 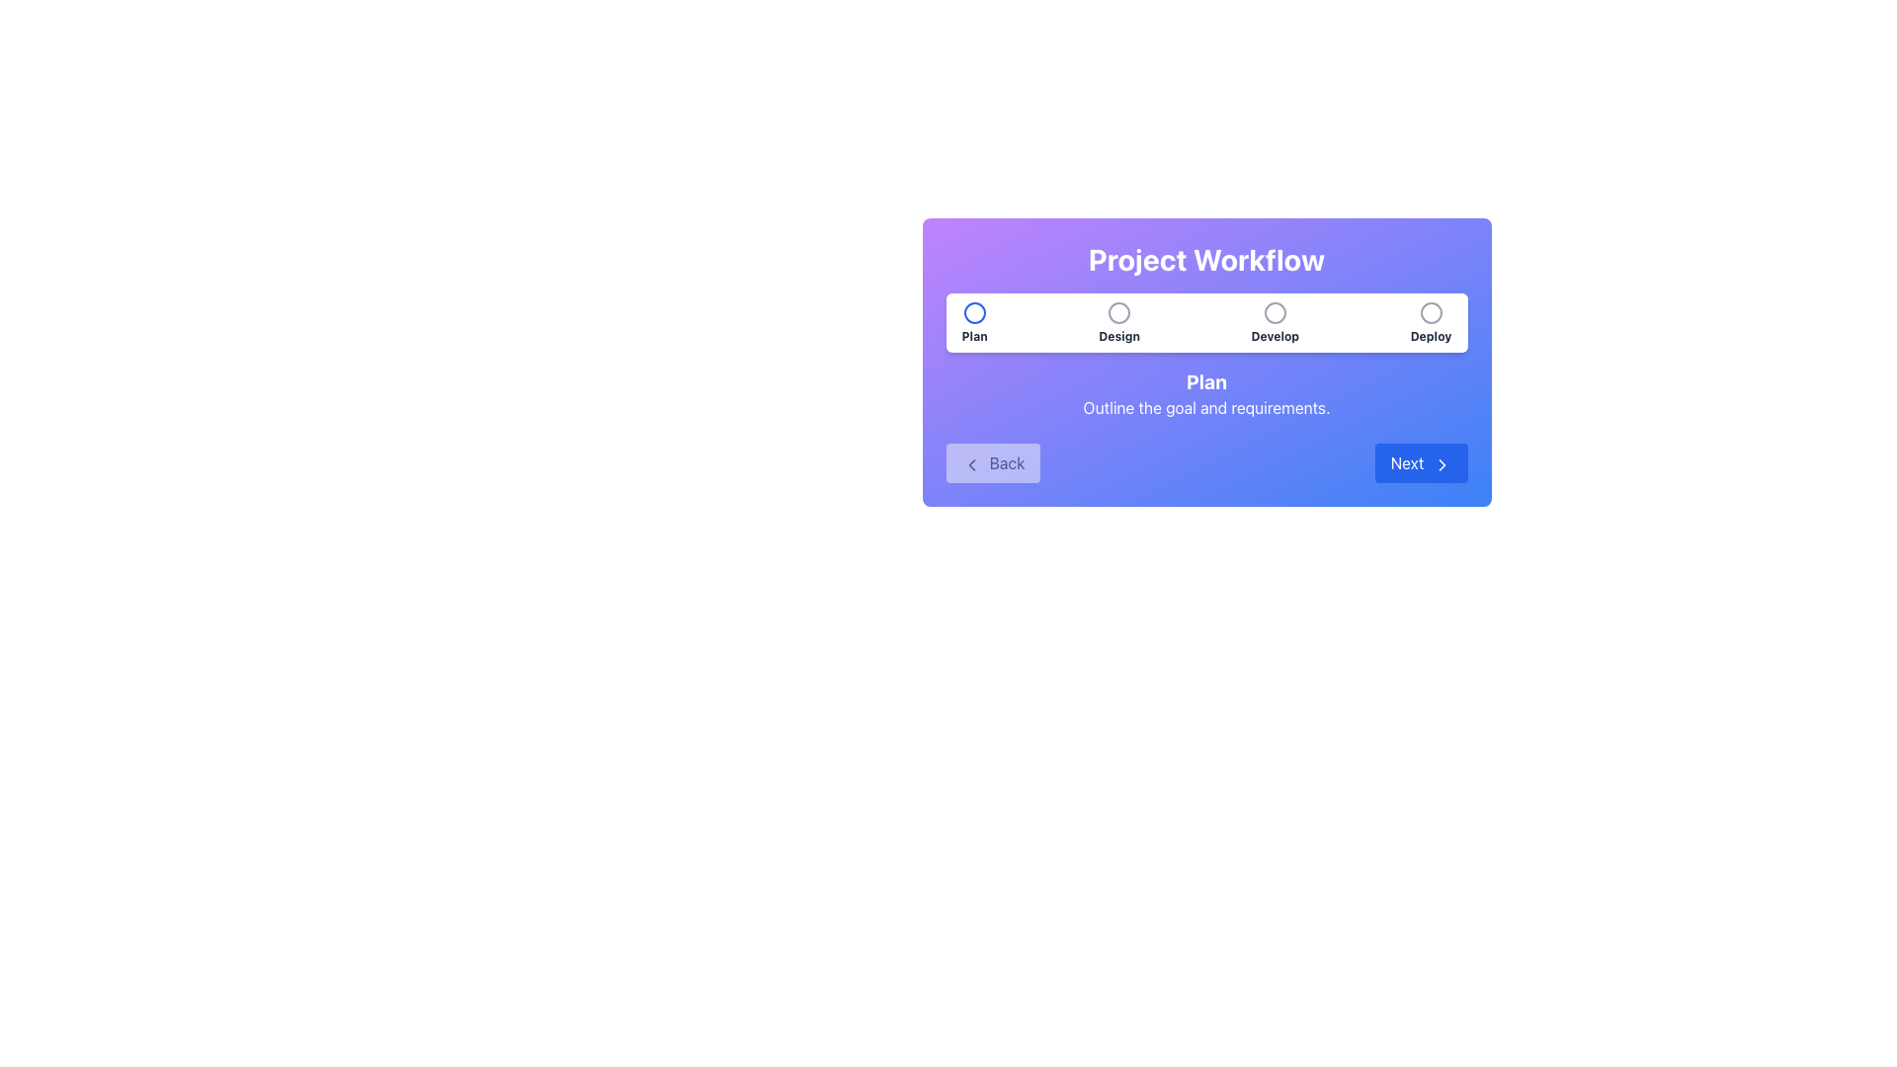 What do you see at coordinates (1118, 311) in the screenshot?
I see `the Circular indicator that signifies the 'Design' step in the project workflow interface, which is the second in a series of four indicators` at bounding box center [1118, 311].